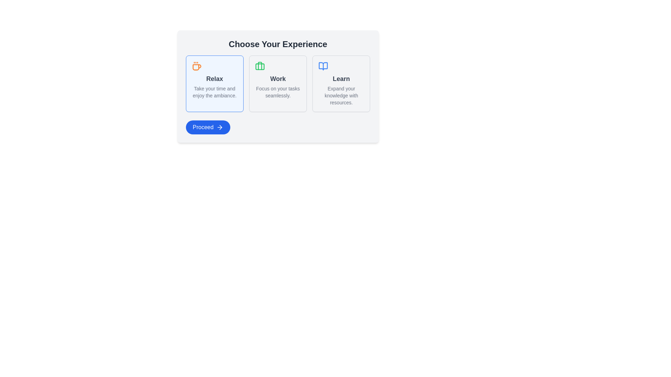  I want to click on the orange coffee cup icon located in the top left corner of the 'Relax' box, which is part of the 'Choose Your Experience' section, so click(214, 66).